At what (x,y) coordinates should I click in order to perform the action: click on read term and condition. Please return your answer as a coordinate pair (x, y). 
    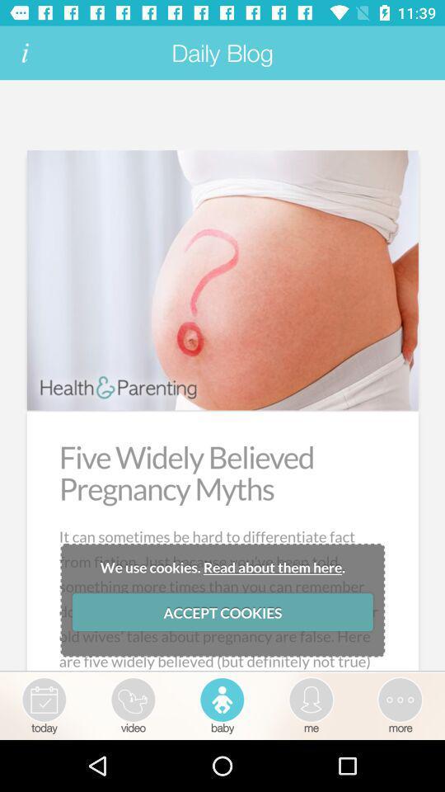
    Looking at the image, I should click on (24, 53).